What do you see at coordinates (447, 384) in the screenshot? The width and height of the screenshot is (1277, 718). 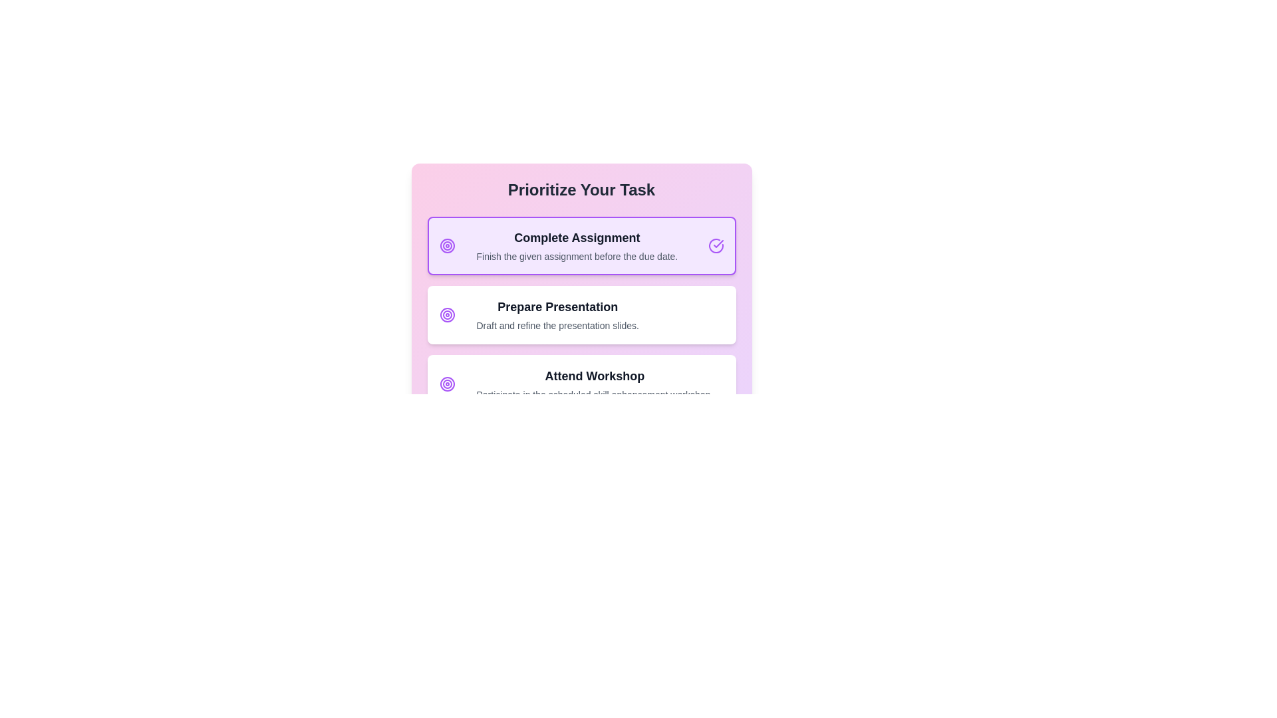 I see `the circular target icon with concentric circles in purple, located to the left of the 'Attend Workshop' text` at bounding box center [447, 384].